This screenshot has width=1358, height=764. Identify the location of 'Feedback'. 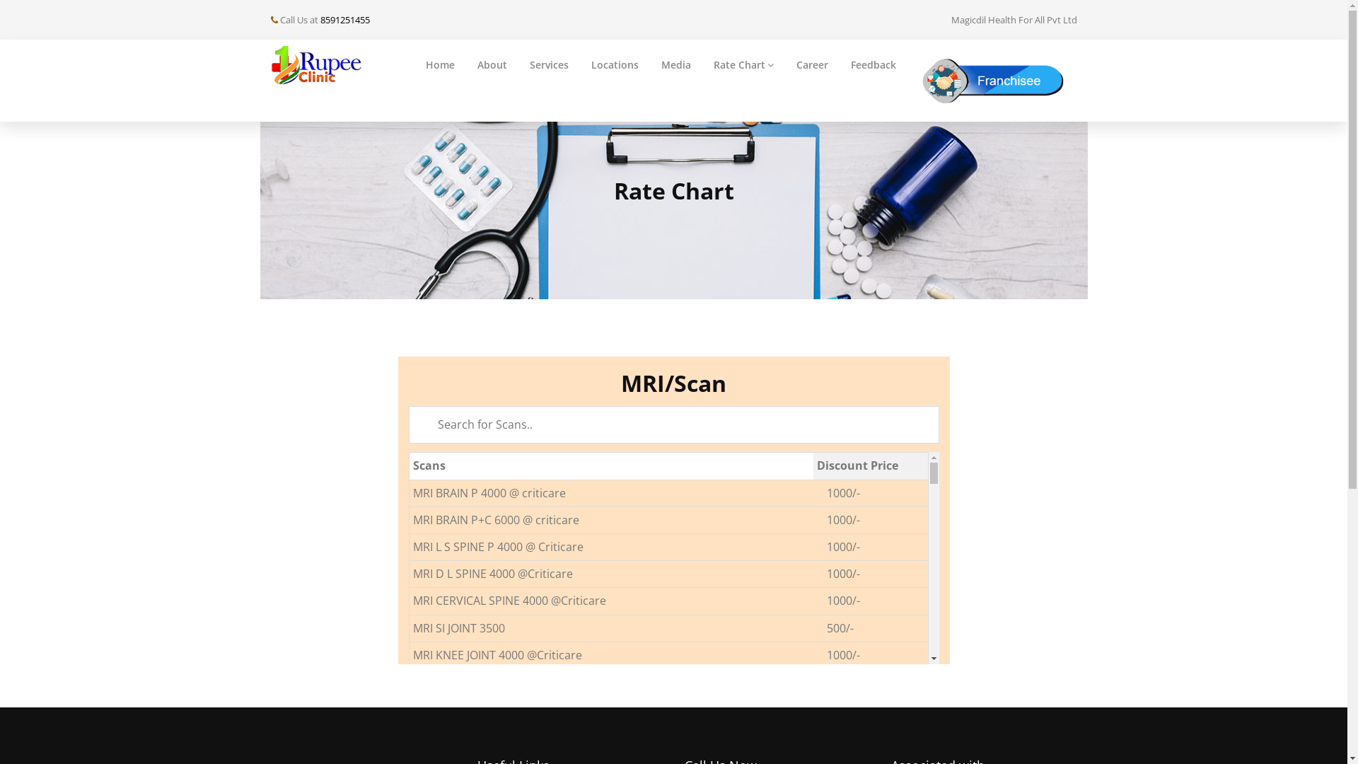
(872, 65).